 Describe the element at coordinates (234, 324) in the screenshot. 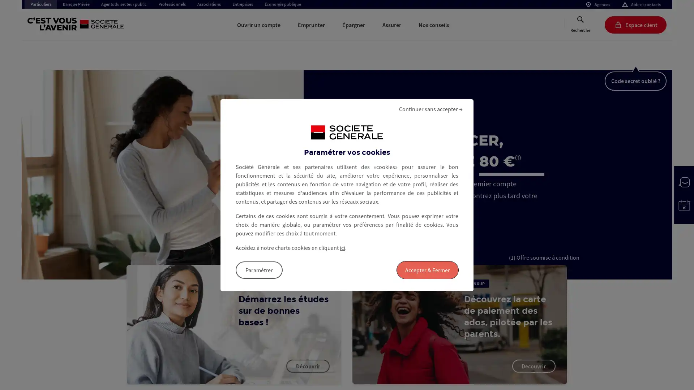

I see `PARTENARIAT ECOLES Demarrez les etudes sur de bonnes bases ! Decouvrir Demarrez les etudes sur de bonnes bases` at that location.